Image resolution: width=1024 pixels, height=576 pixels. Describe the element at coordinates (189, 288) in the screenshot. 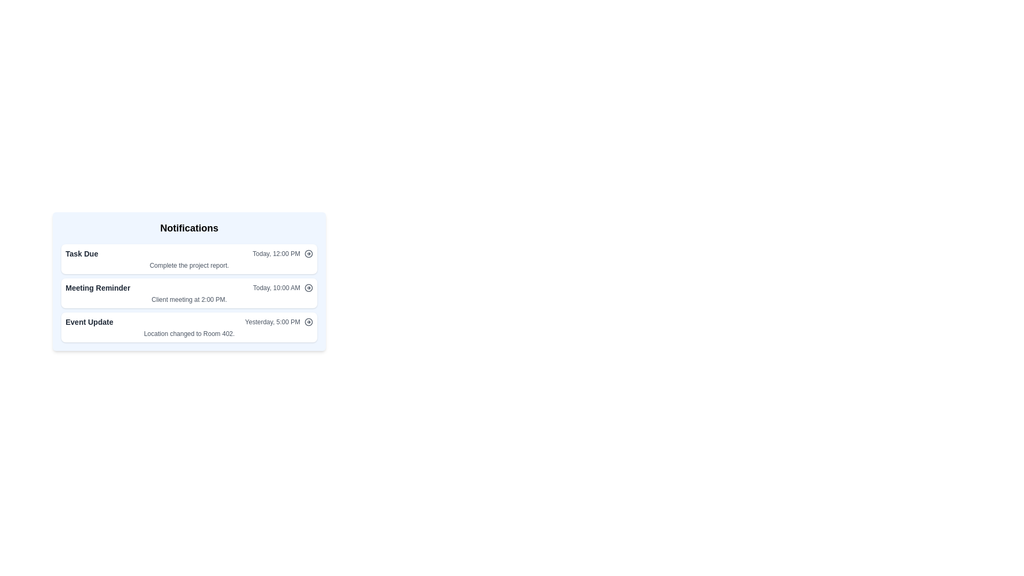

I see `the notification element for today's meeting scheduled at 10:00 AM` at that location.